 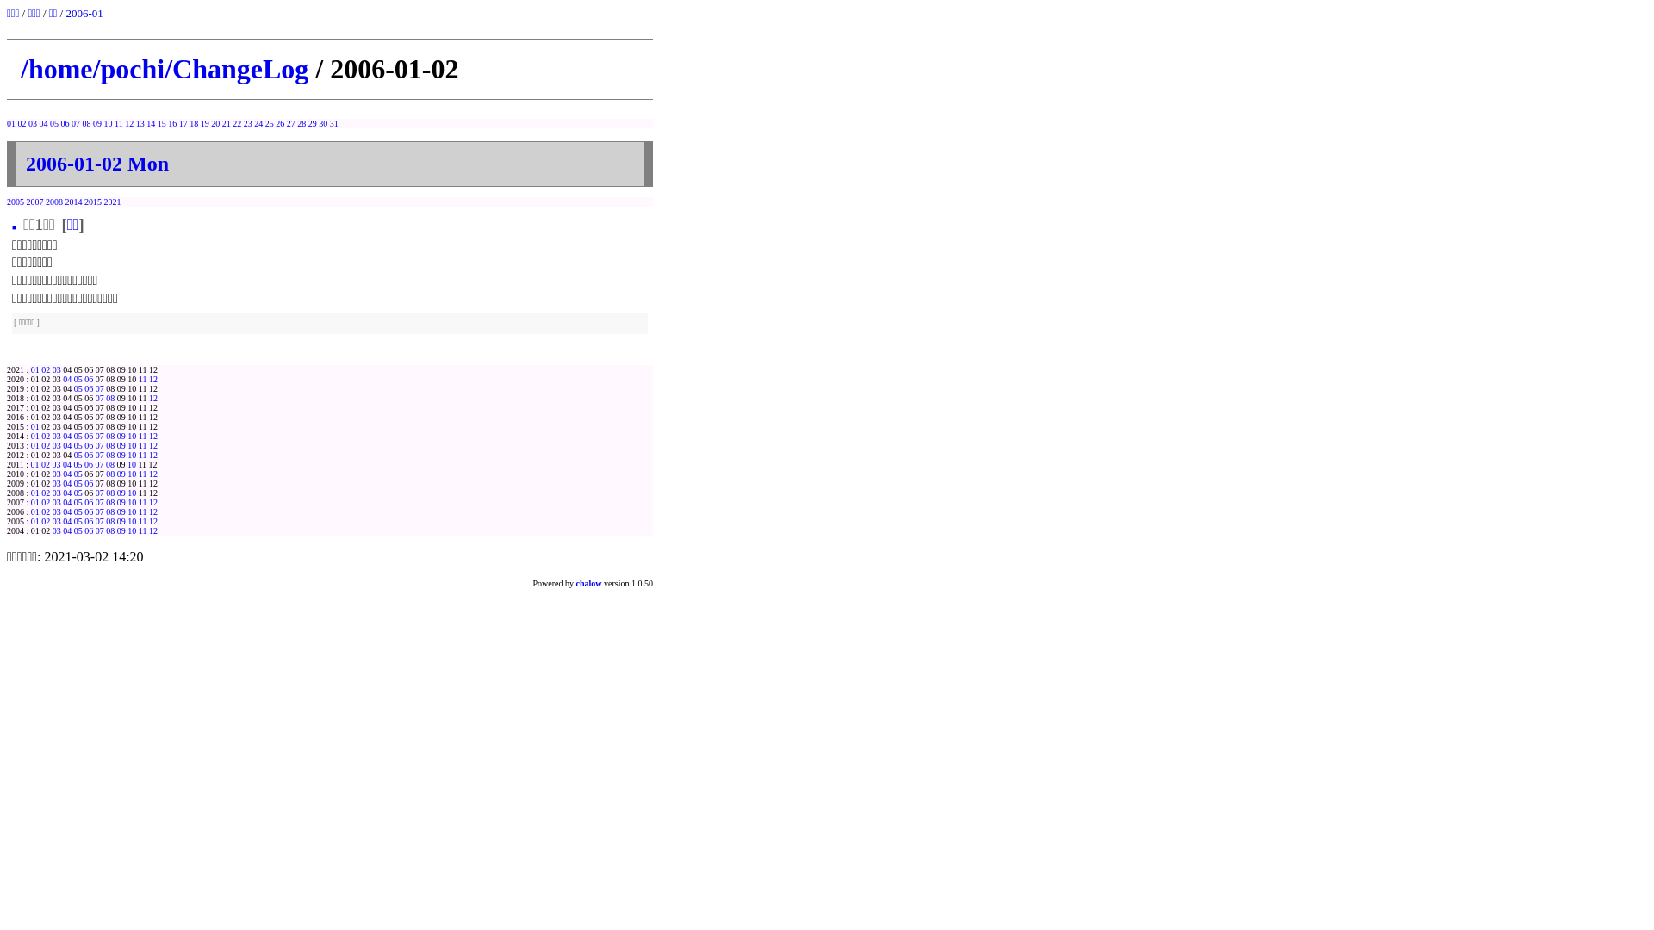 What do you see at coordinates (87, 502) in the screenshot?
I see `'06'` at bounding box center [87, 502].